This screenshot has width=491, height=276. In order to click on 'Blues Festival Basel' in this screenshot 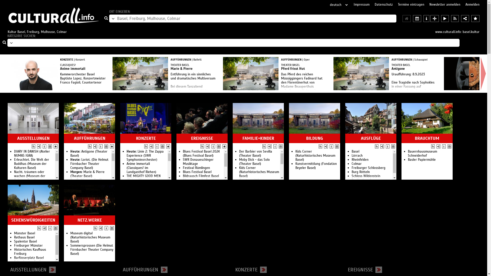, I will do `click(183, 172)`.